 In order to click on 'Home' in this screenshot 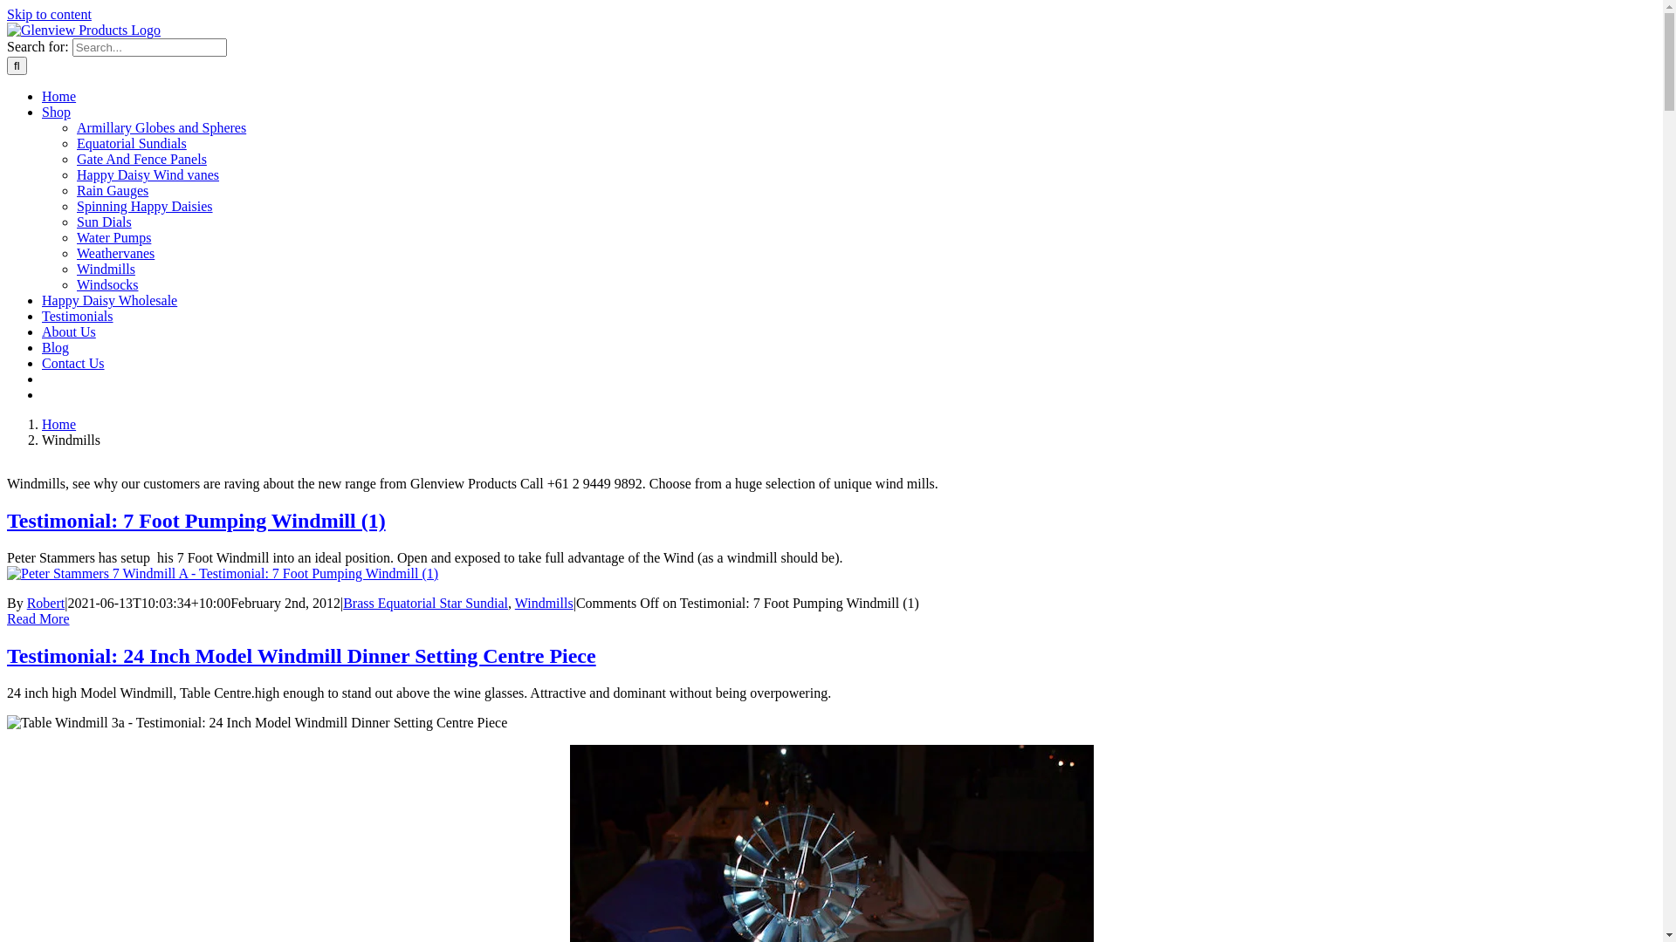, I will do `click(58, 424)`.